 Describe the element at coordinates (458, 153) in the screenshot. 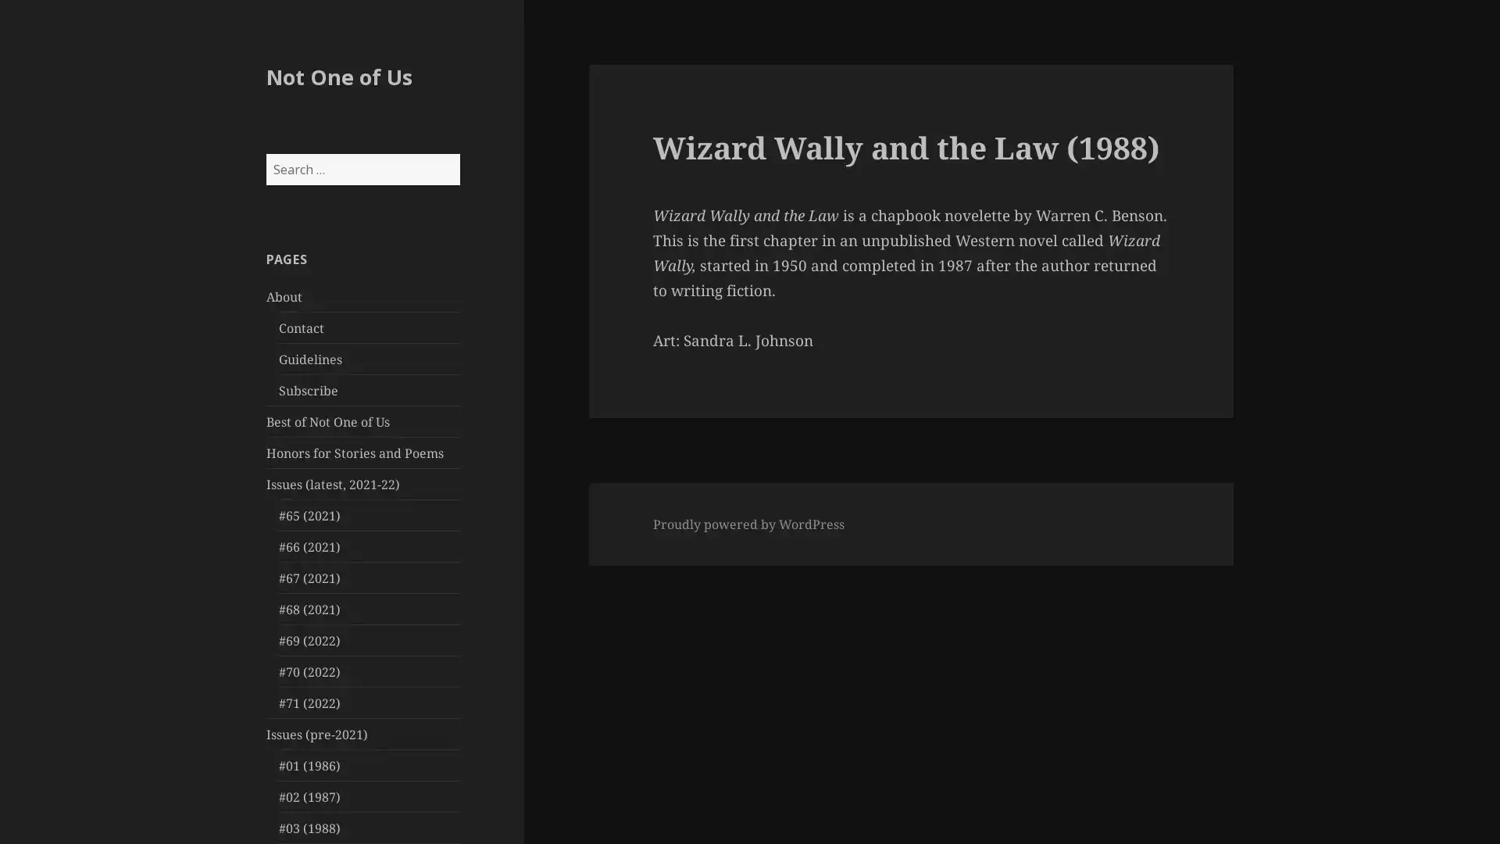

I see `Search` at that location.